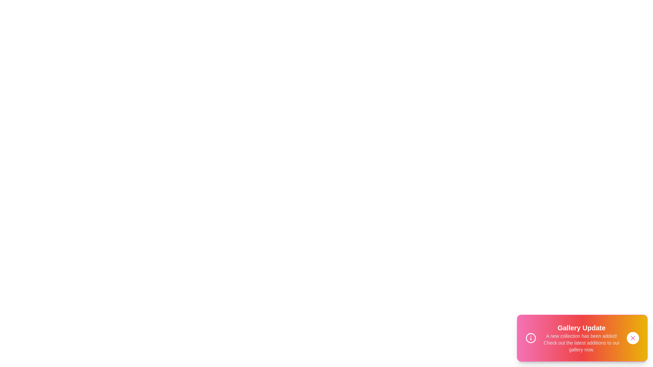  What do you see at coordinates (633, 338) in the screenshot?
I see `close button on the snackbar` at bounding box center [633, 338].